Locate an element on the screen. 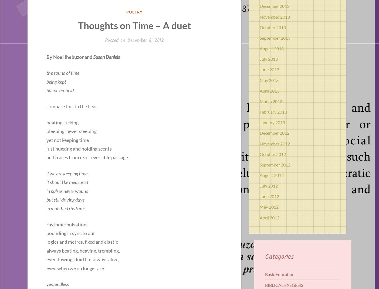 Image resolution: width=379 pixels, height=289 pixels. 'Thoughts on Time – A duet' is located at coordinates (77, 25).